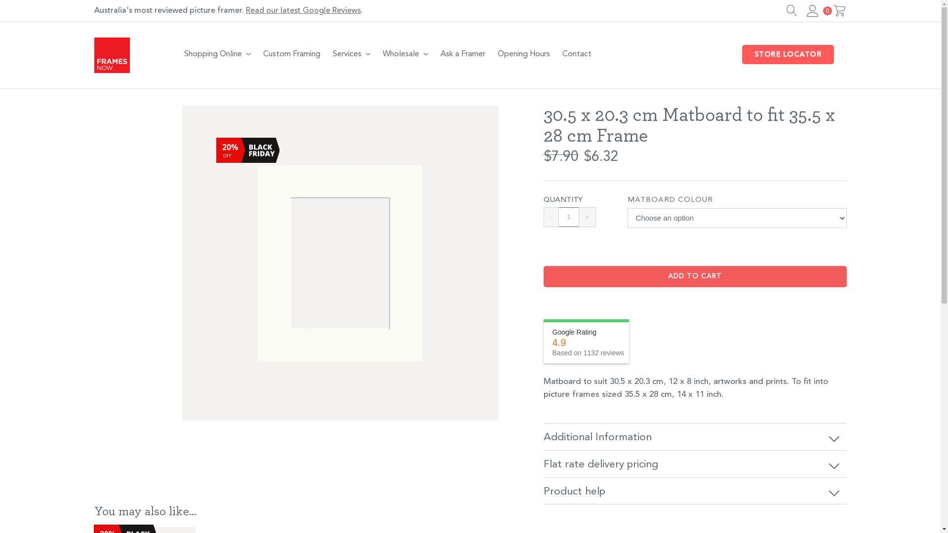 This screenshot has width=948, height=533. Describe the element at coordinates (523, 54) in the screenshot. I see `'Opening Hours'` at that location.